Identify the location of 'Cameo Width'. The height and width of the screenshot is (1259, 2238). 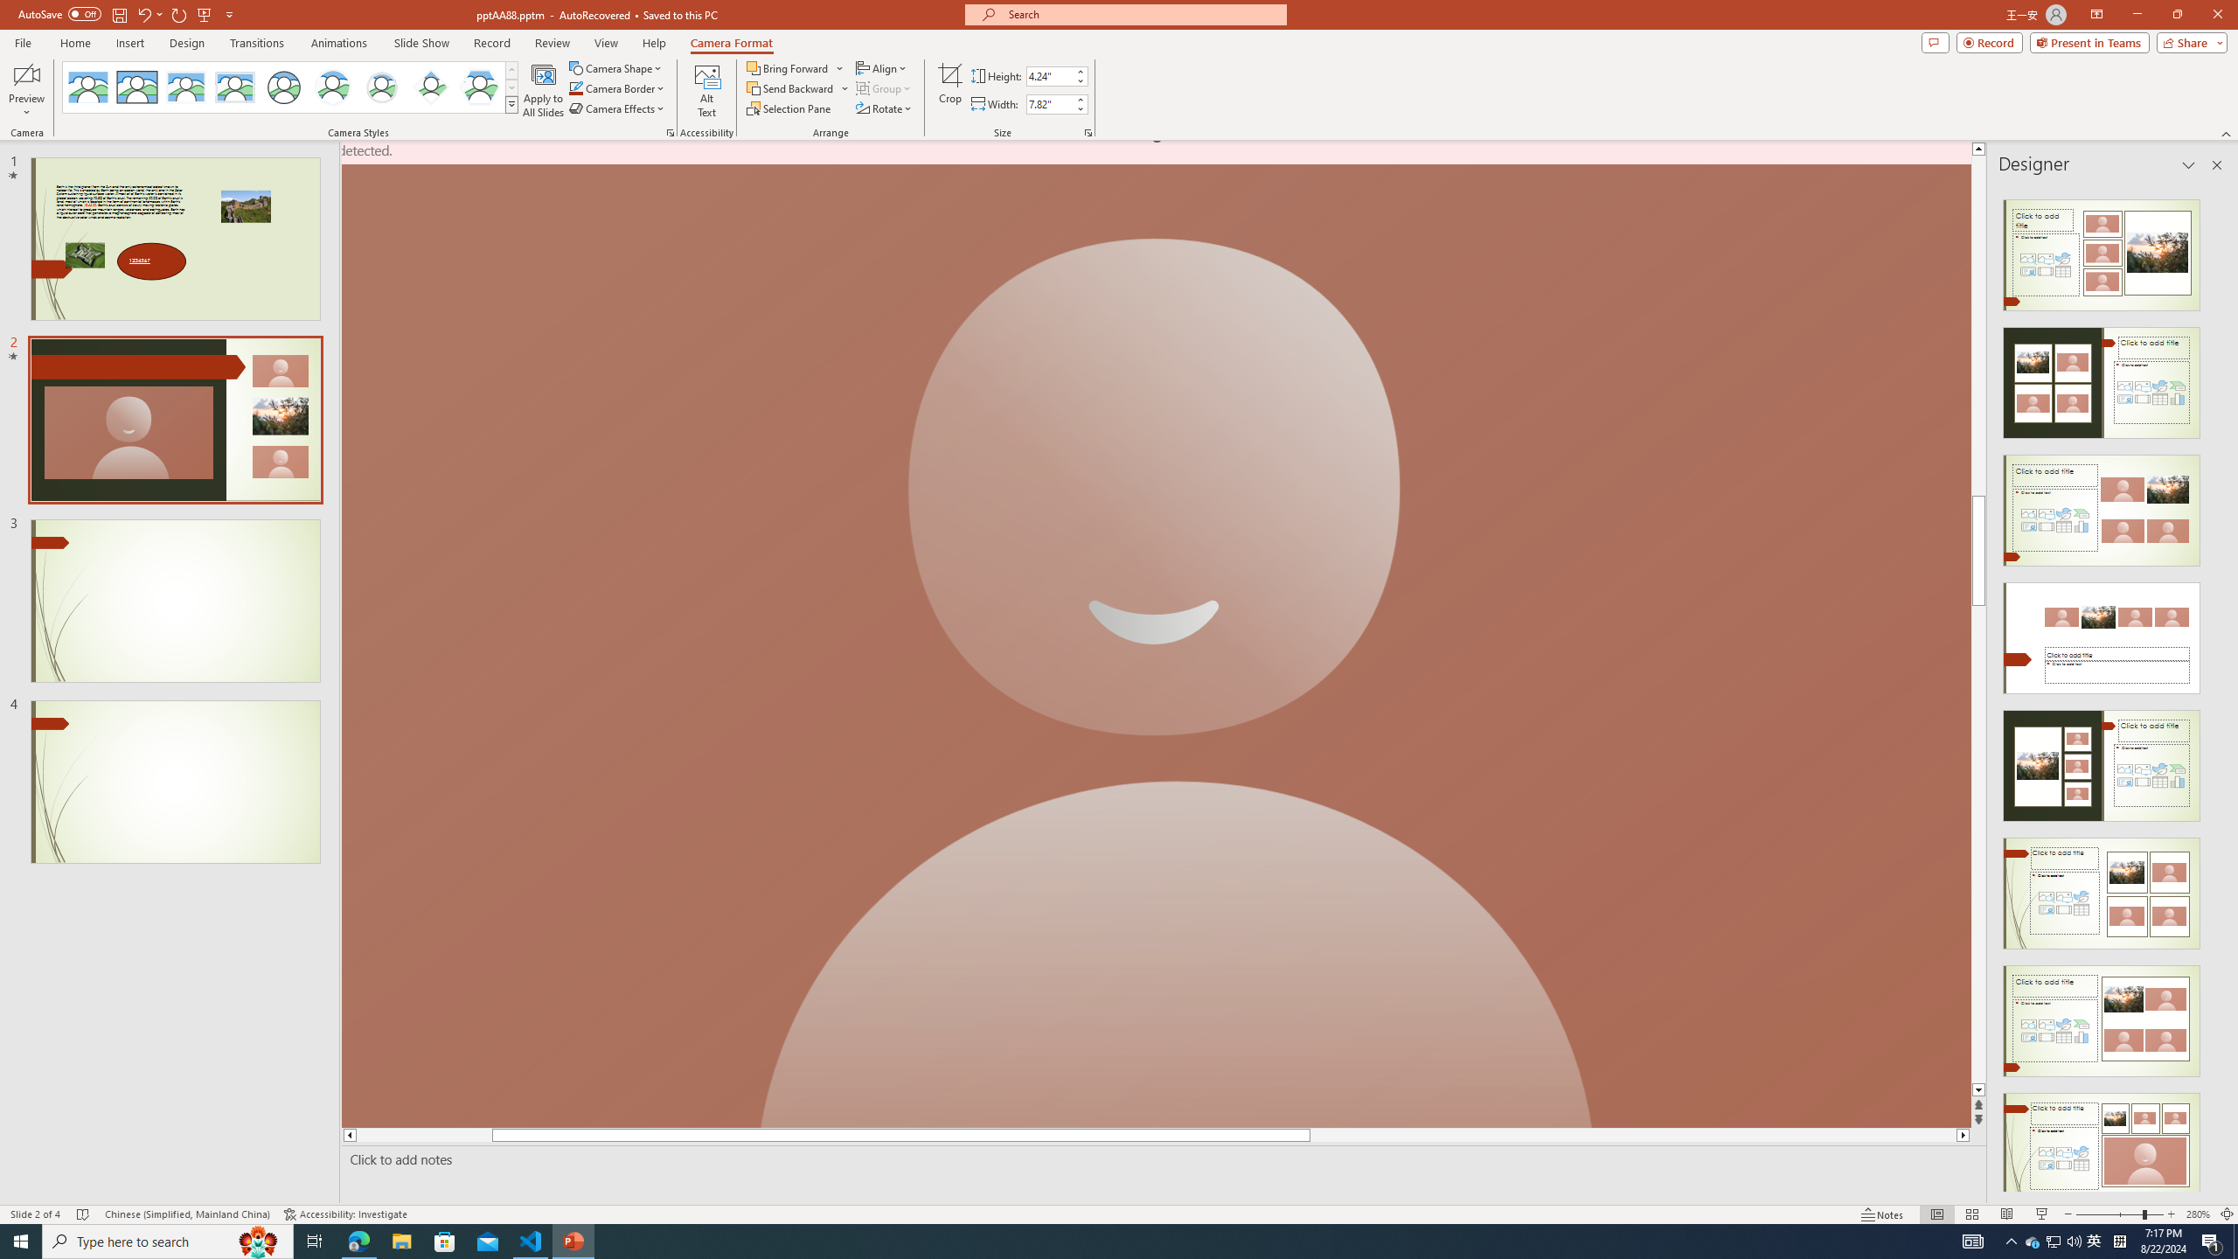
(1048, 103).